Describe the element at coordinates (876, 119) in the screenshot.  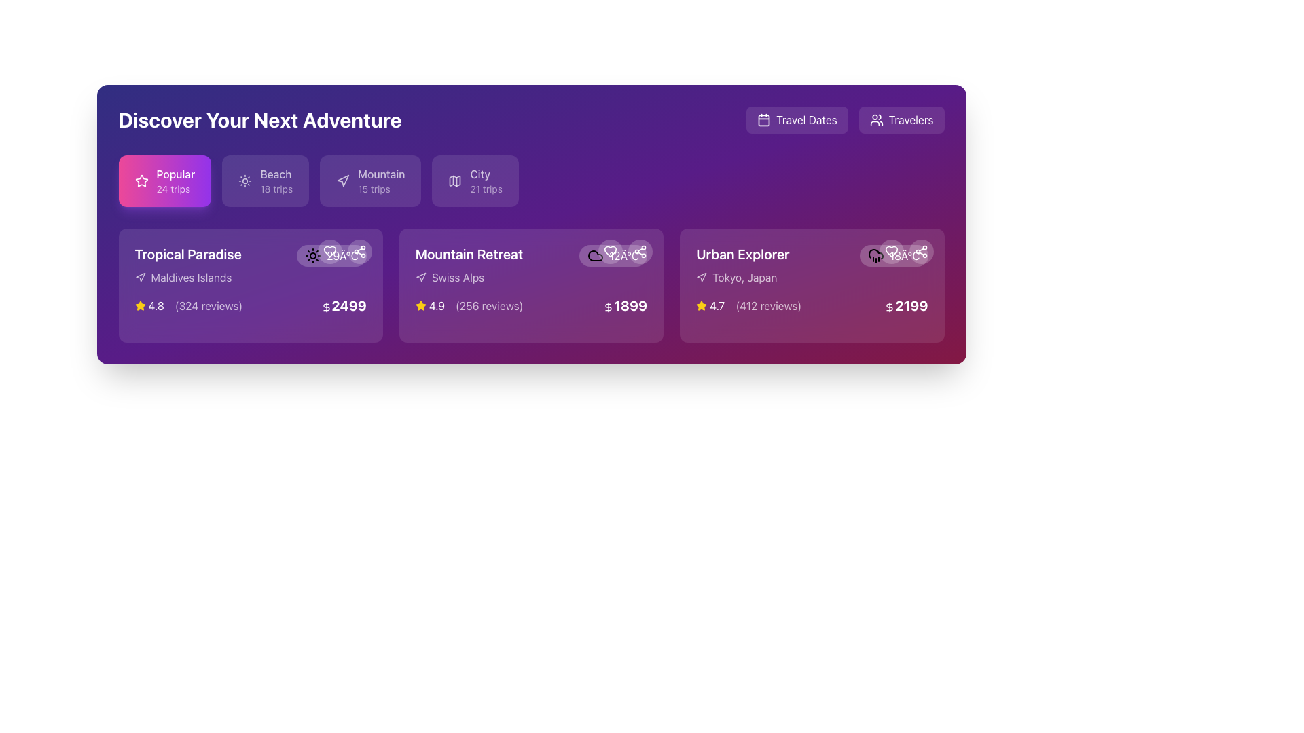
I see `the 'Travelers' icon located at the top-right corner of the interface, adjacent to the 'Travel Dates' button` at that location.